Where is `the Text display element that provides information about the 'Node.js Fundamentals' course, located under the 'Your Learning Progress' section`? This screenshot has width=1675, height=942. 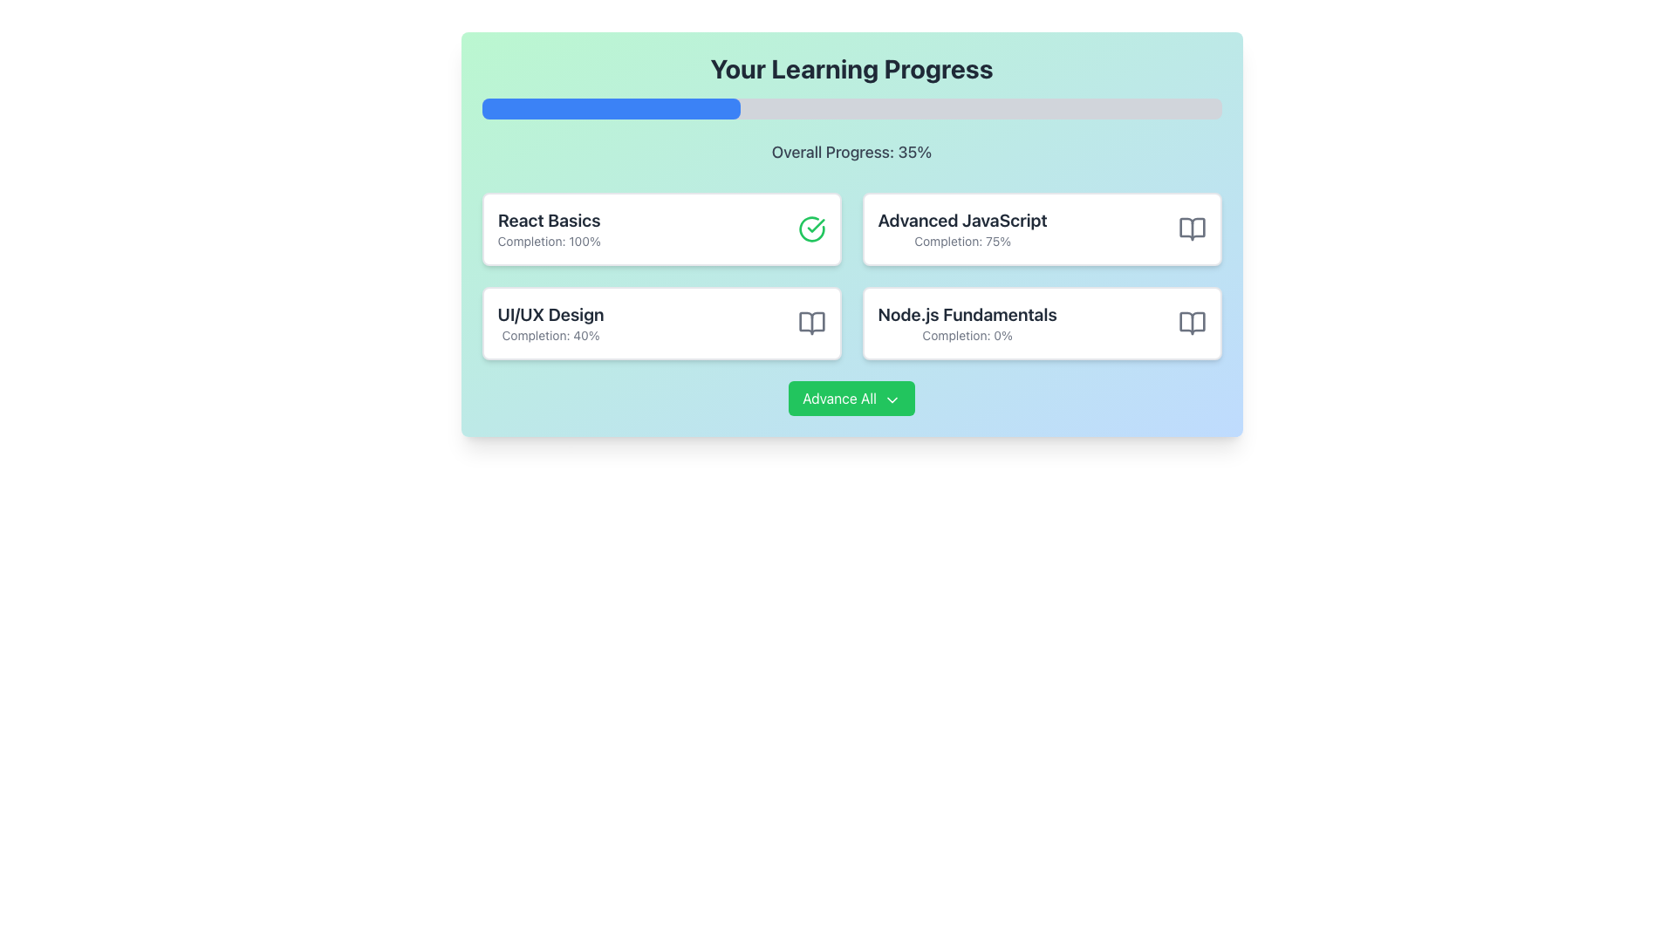 the Text display element that provides information about the 'Node.js Fundamentals' course, located under the 'Your Learning Progress' section is located at coordinates (967, 323).